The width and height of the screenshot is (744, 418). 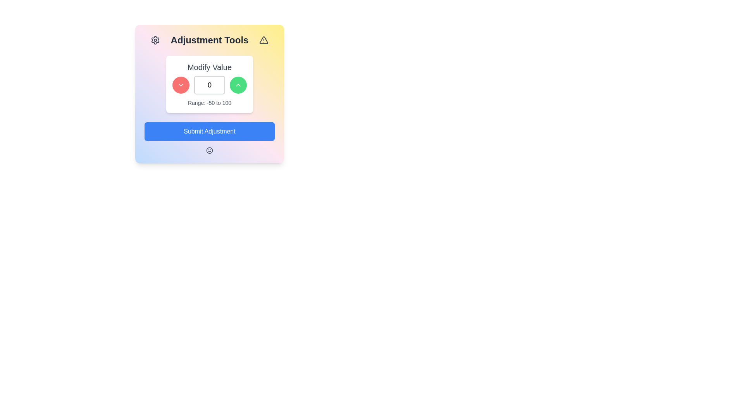 What do you see at coordinates (180, 85) in the screenshot?
I see `the prominent circular button with a red background and a white arrow icon pointing downward, located on the left side of the value display field under the label 'Modify Value'` at bounding box center [180, 85].